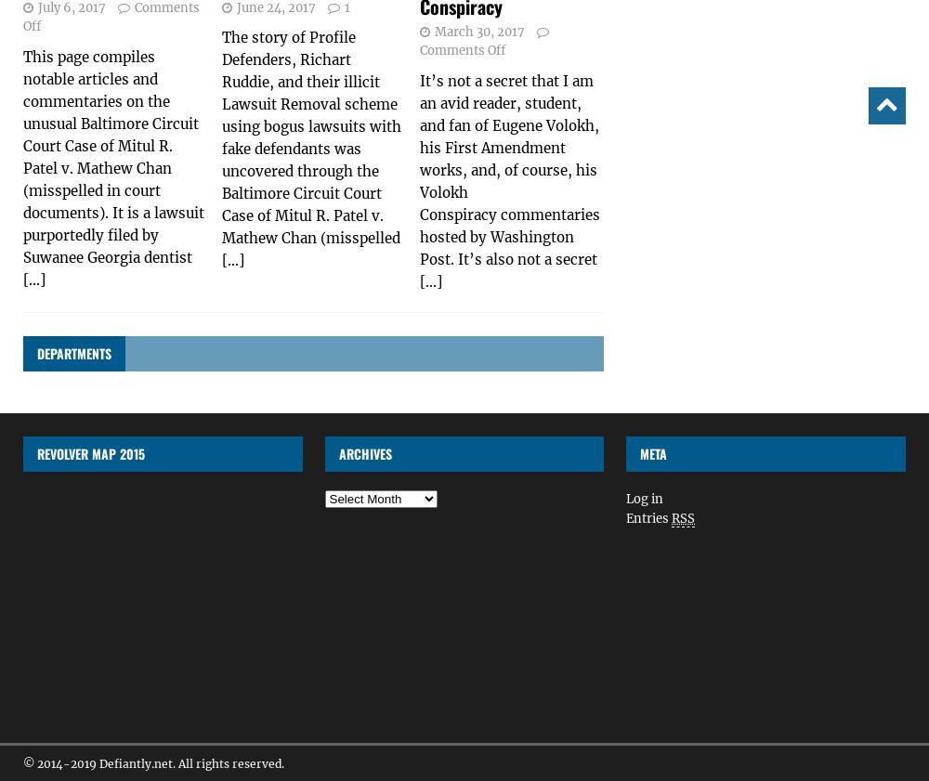 This screenshot has height=781, width=929. I want to click on 'Log in', so click(644, 499).